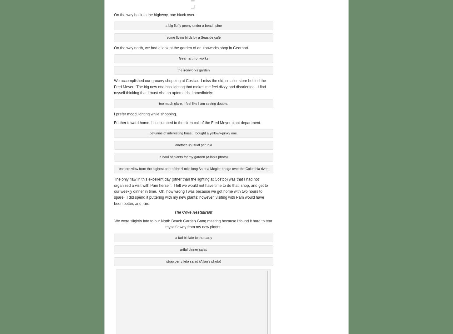  I want to click on 'too much glare, I feel like I am seeing double.', so click(193, 102).